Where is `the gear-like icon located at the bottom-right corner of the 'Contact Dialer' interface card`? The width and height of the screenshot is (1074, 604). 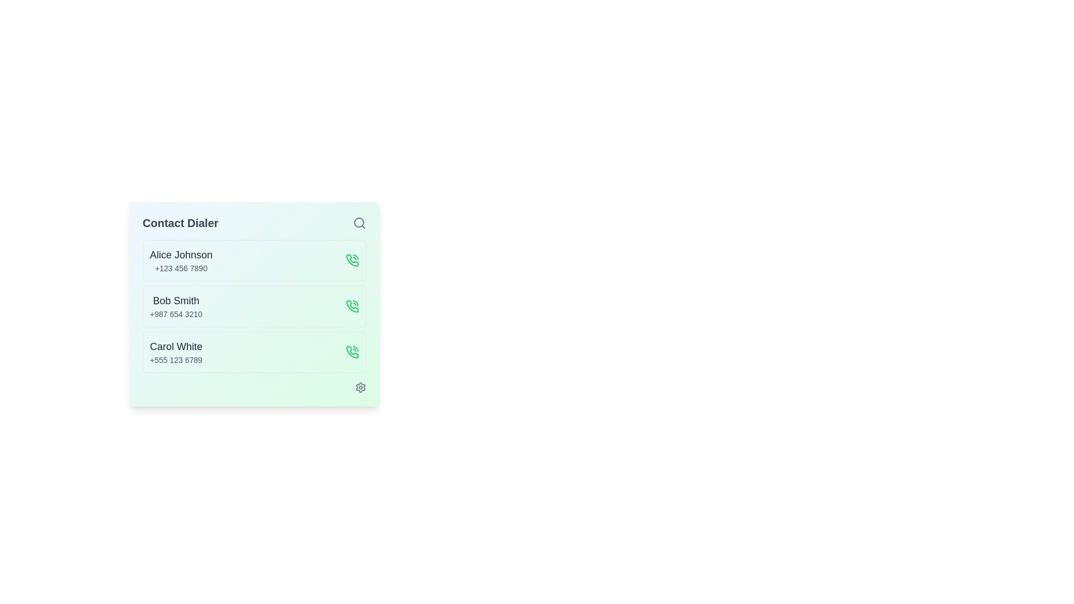 the gear-like icon located at the bottom-right corner of the 'Contact Dialer' interface card is located at coordinates (360, 387).